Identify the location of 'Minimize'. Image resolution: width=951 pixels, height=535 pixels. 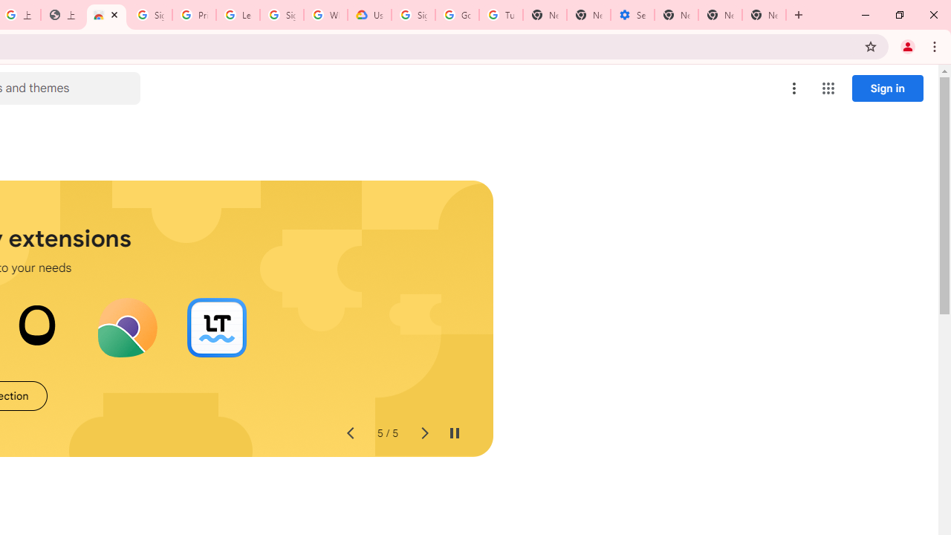
(866, 15).